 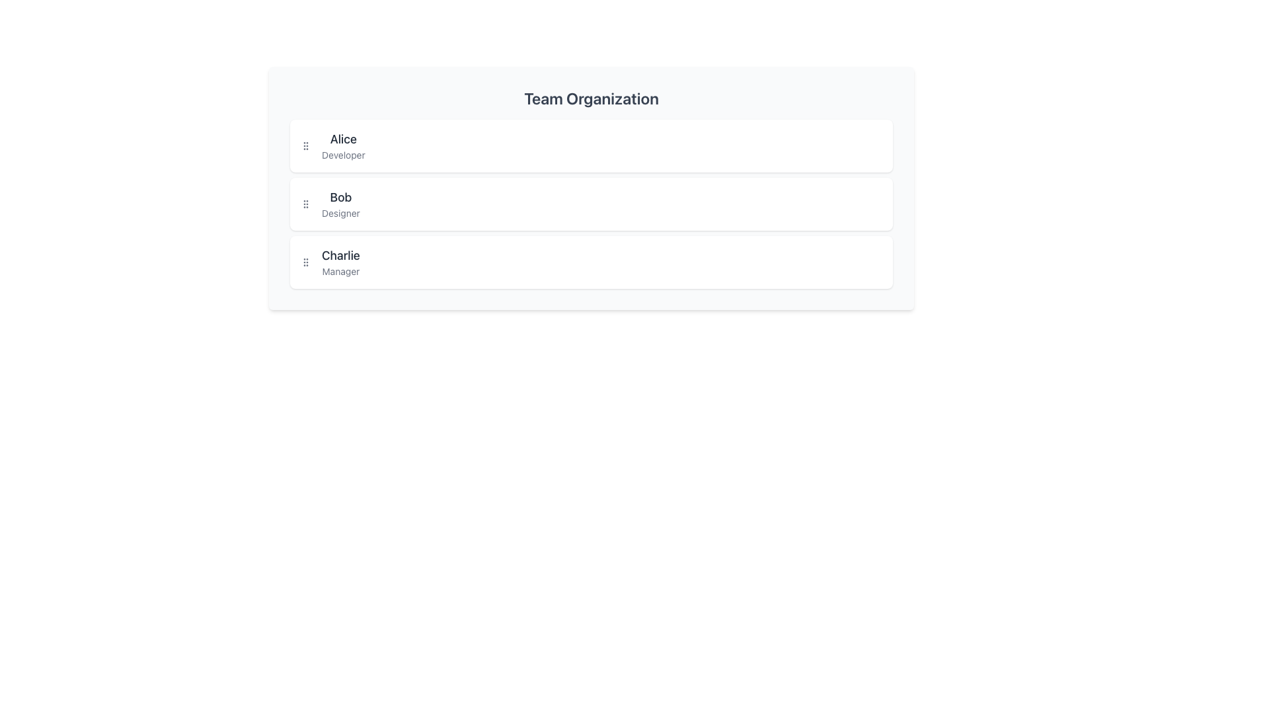 What do you see at coordinates (305, 262) in the screenshot?
I see `the drag handle located to the left of the username text for 'Charlie, Manager'` at bounding box center [305, 262].